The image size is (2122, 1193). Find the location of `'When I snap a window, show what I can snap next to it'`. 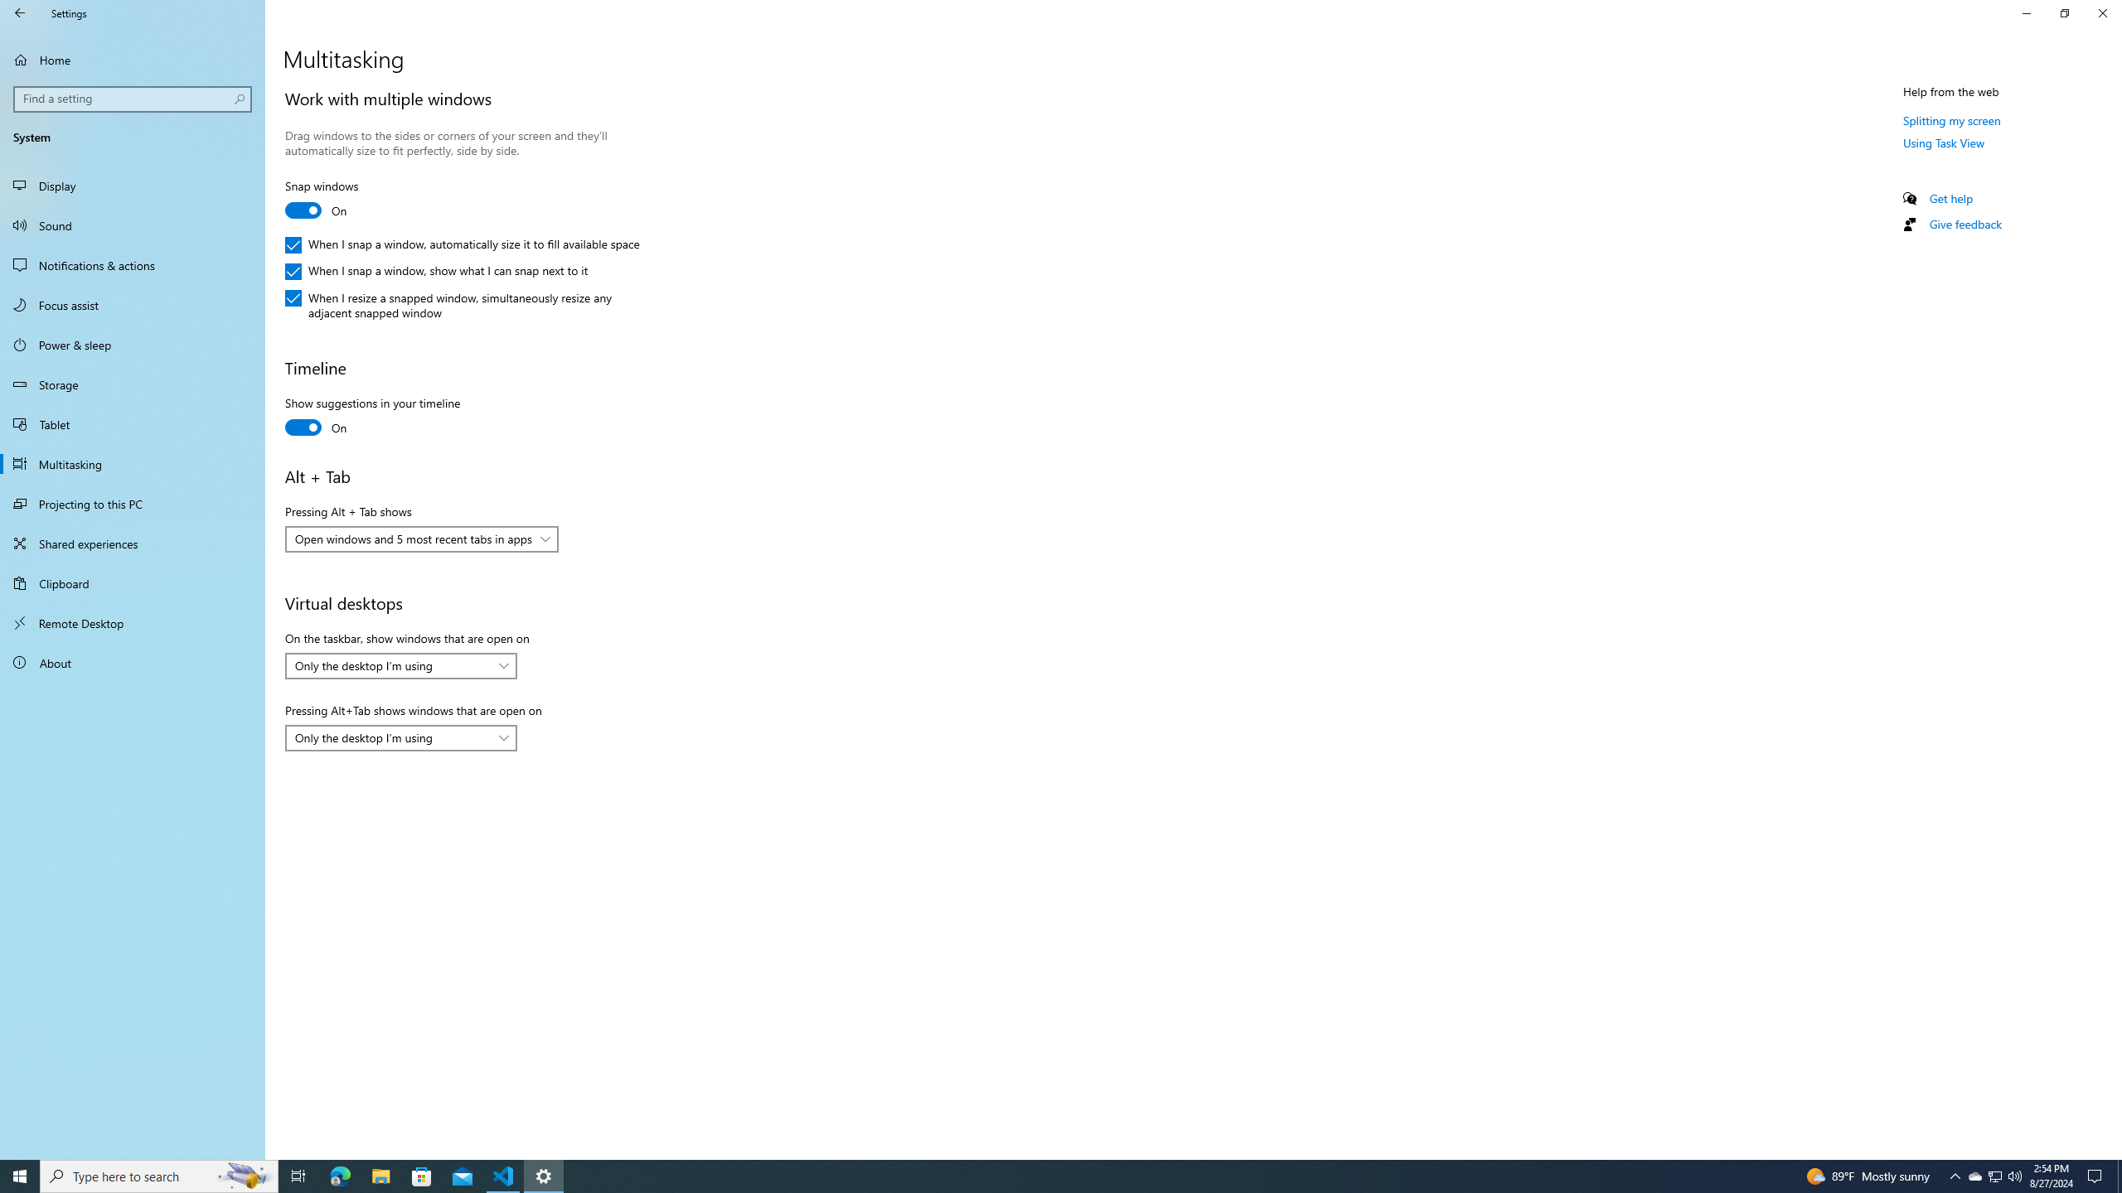

'When I snap a window, show what I can snap next to it' is located at coordinates (435, 272).